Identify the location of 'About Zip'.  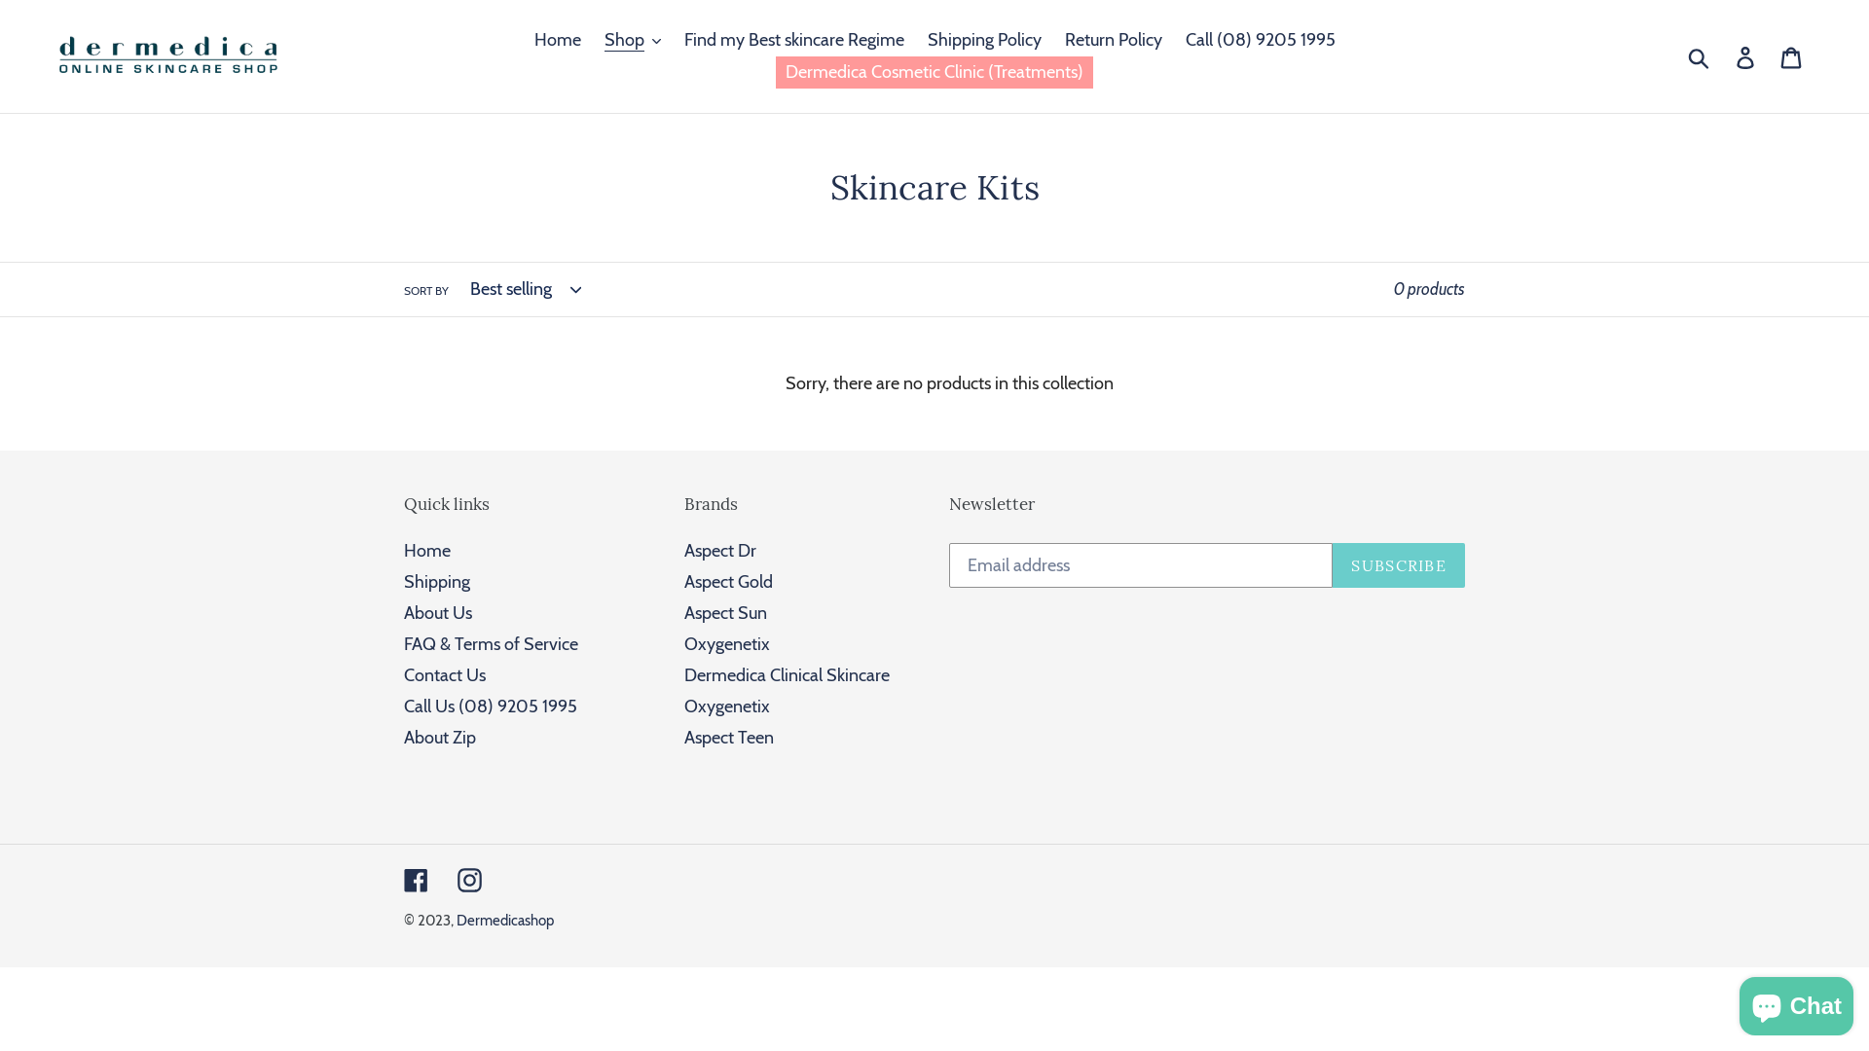
(438, 738).